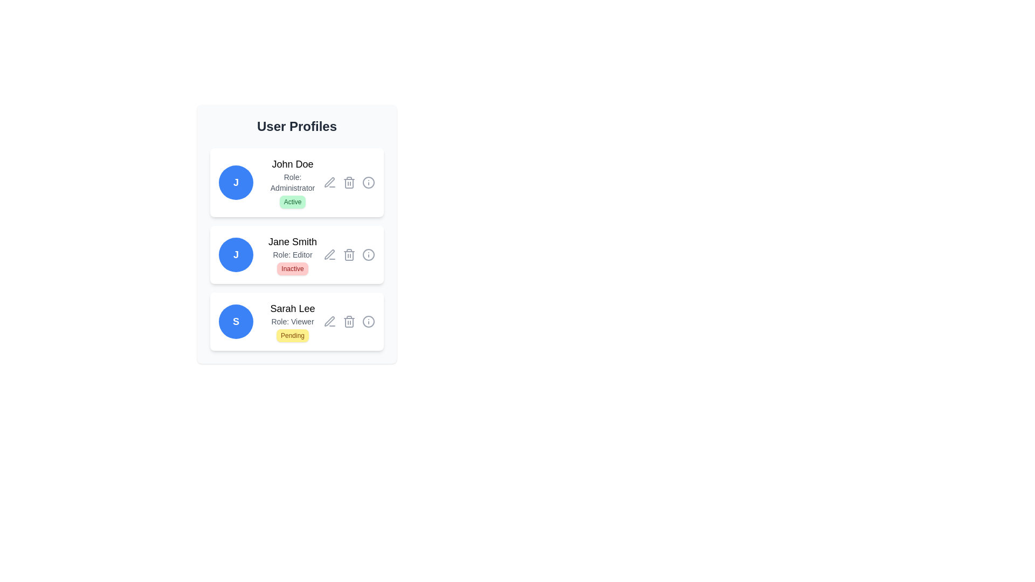 This screenshot has width=1035, height=582. Describe the element at coordinates (235, 255) in the screenshot. I see `the profile icon for 'Jane Smith', located in the middle of the user profile list, specifically in the leftmost section` at that location.